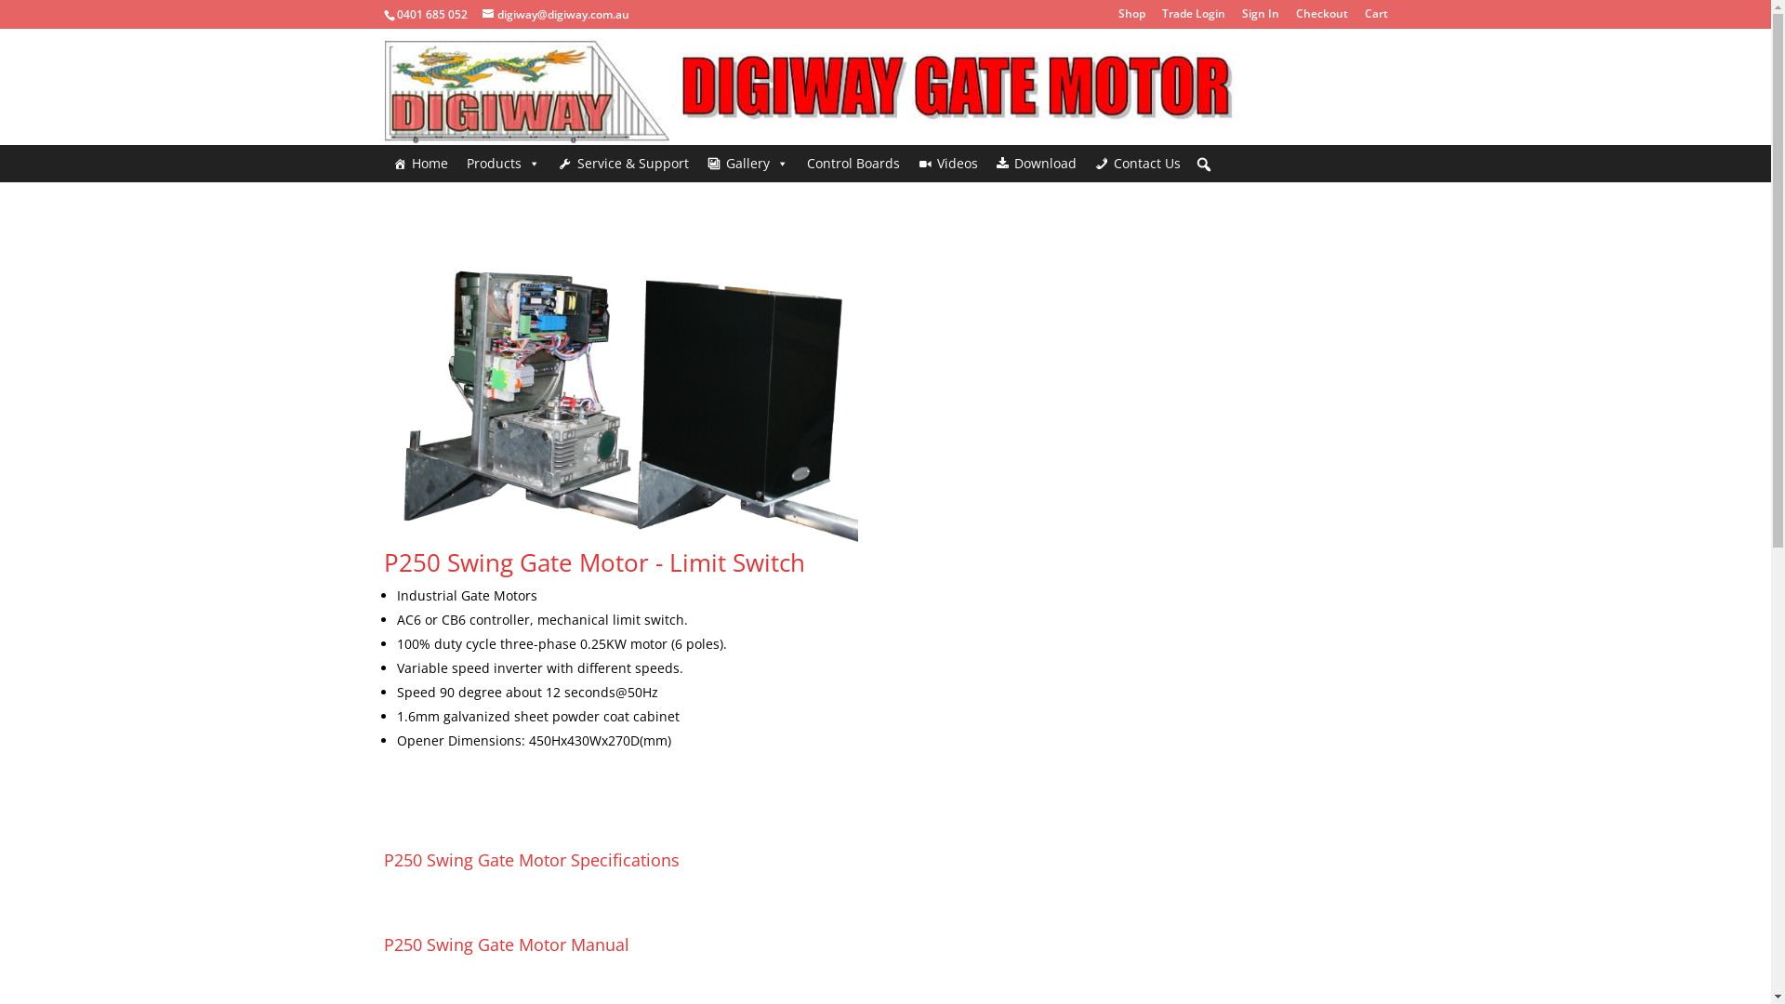 The image size is (1785, 1004). I want to click on 'Checkout', so click(1320, 18).